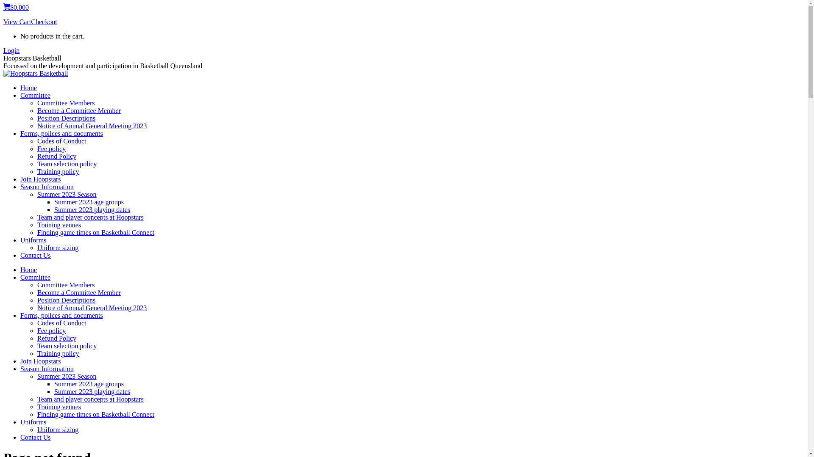  I want to click on 'Join Hoopstars', so click(40, 361).